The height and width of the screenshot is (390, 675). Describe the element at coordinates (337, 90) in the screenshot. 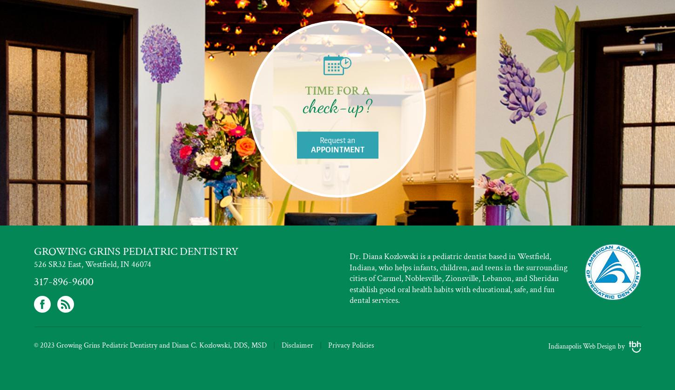

I see `'Time for a'` at that location.